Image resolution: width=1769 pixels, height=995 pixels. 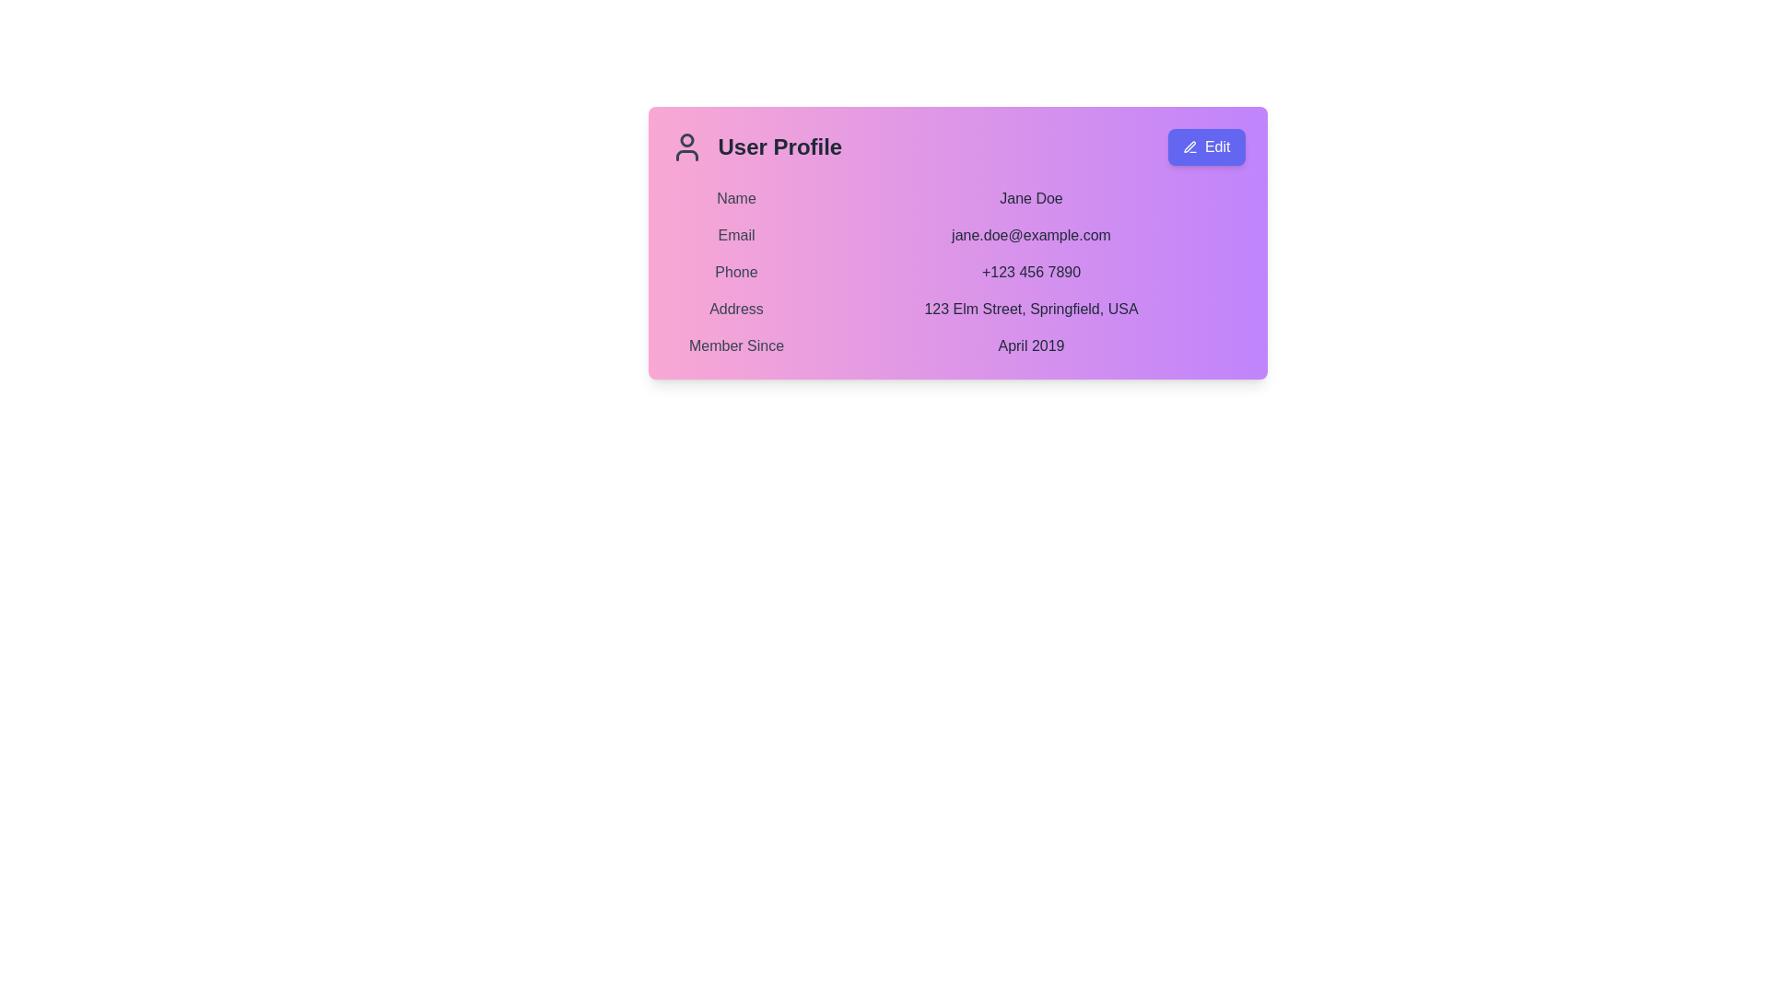 What do you see at coordinates (1206, 146) in the screenshot?
I see `the edit button located in the top-right corner of the 'User Profile' section` at bounding box center [1206, 146].